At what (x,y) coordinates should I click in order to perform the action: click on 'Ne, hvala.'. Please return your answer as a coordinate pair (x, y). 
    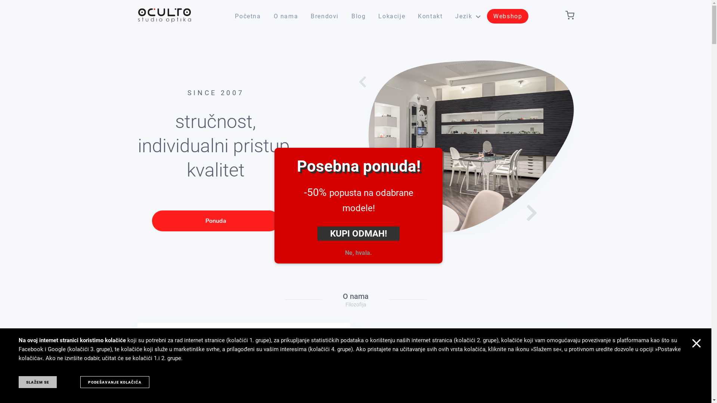
    Looking at the image, I should click on (358, 253).